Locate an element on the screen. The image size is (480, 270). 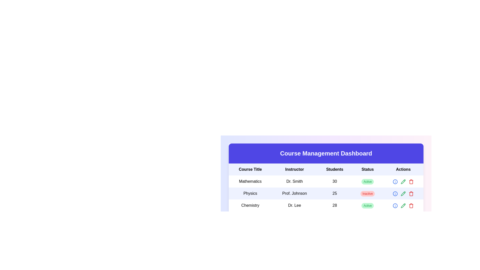
the 'Inactive' badge with a red background and white text located in the 'Status' column of the second row for 'Physics' in the Course Management Dashboard is located at coordinates (367, 193).